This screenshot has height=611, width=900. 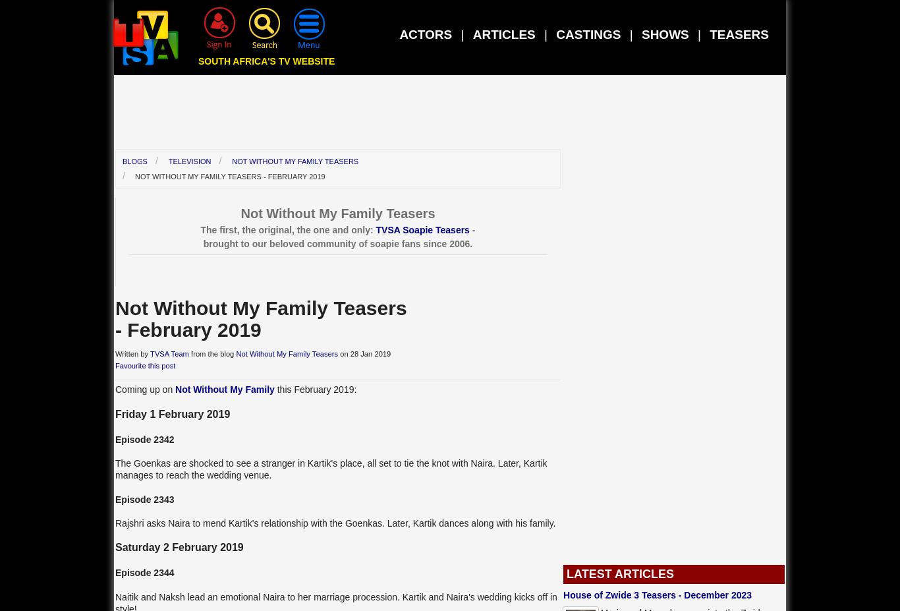 I want to click on 'SOUTH AFRICA'S TV WEBSITE', so click(x=266, y=60).